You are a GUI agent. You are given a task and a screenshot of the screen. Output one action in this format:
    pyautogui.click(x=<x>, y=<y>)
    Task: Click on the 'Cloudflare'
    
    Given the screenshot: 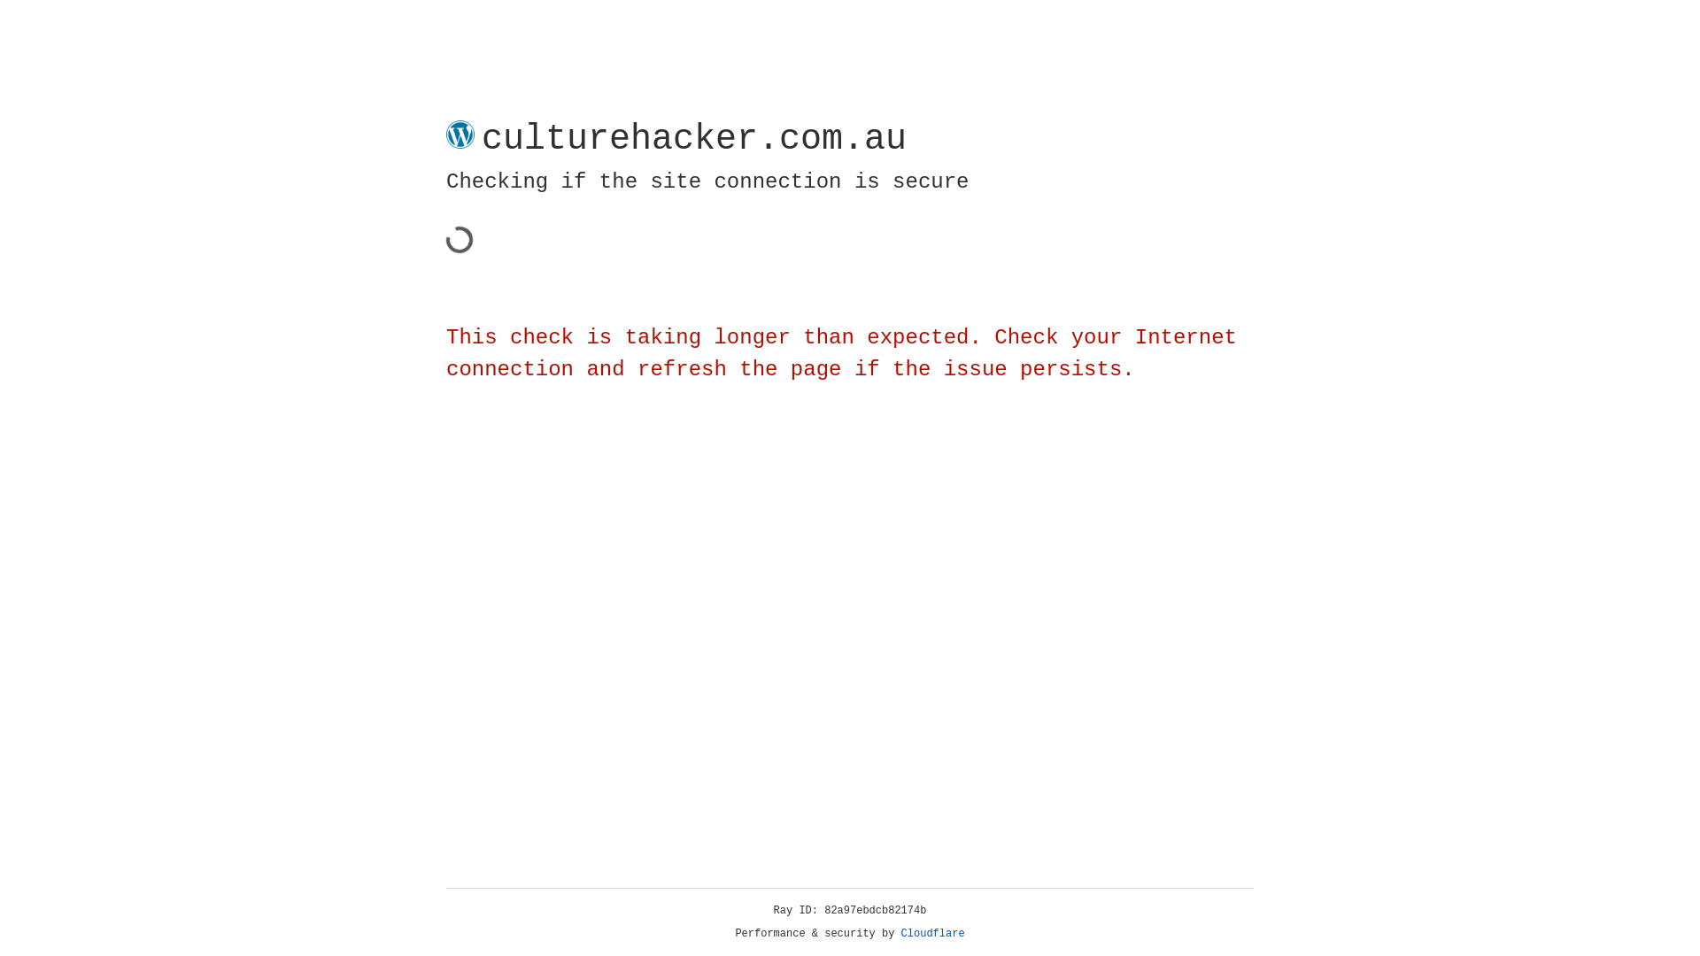 What is the action you would take?
    pyautogui.click(x=932, y=933)
    